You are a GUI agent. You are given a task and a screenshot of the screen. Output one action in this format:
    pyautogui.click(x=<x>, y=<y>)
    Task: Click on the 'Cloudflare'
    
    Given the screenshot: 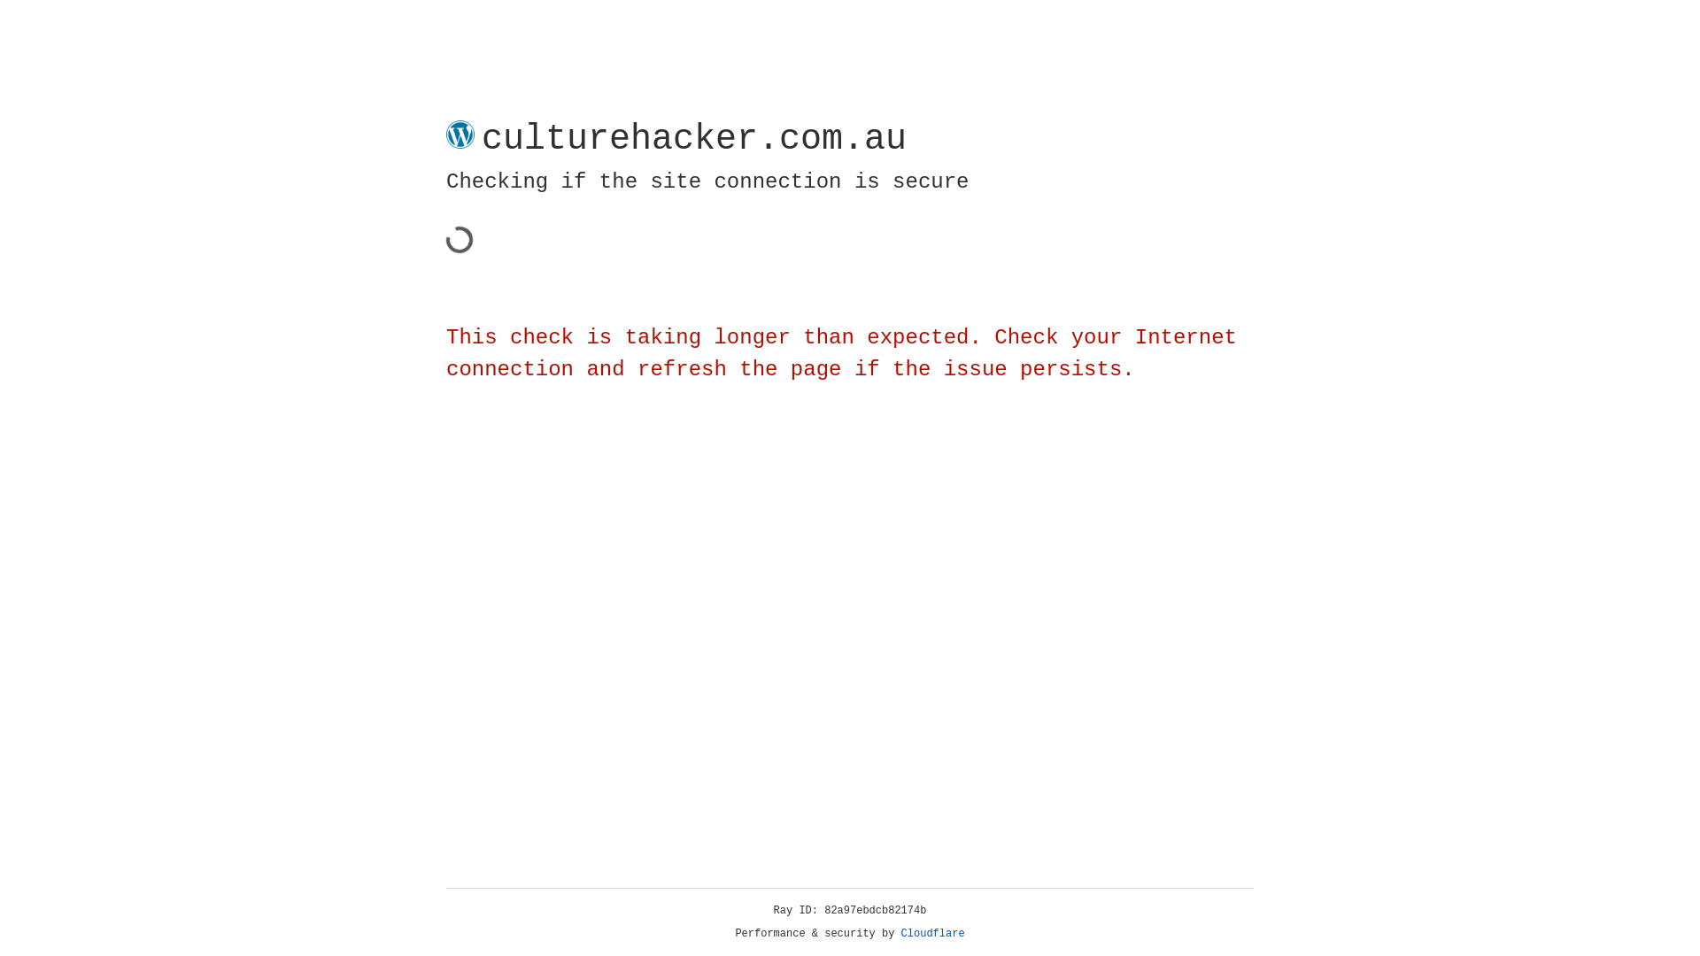 What is the action you would take?
    pyautogui.click(x=932, y=933)
    